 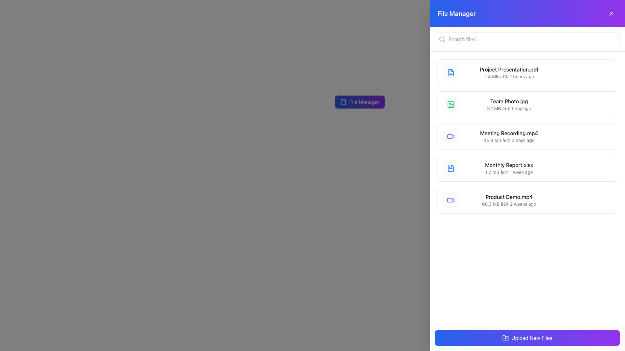 I want to click on the Text Label that displays additional metadata about the 'Product Demo.mp4' file, located in the lower section of the interface beneath its title, so click(x=509, y=204).